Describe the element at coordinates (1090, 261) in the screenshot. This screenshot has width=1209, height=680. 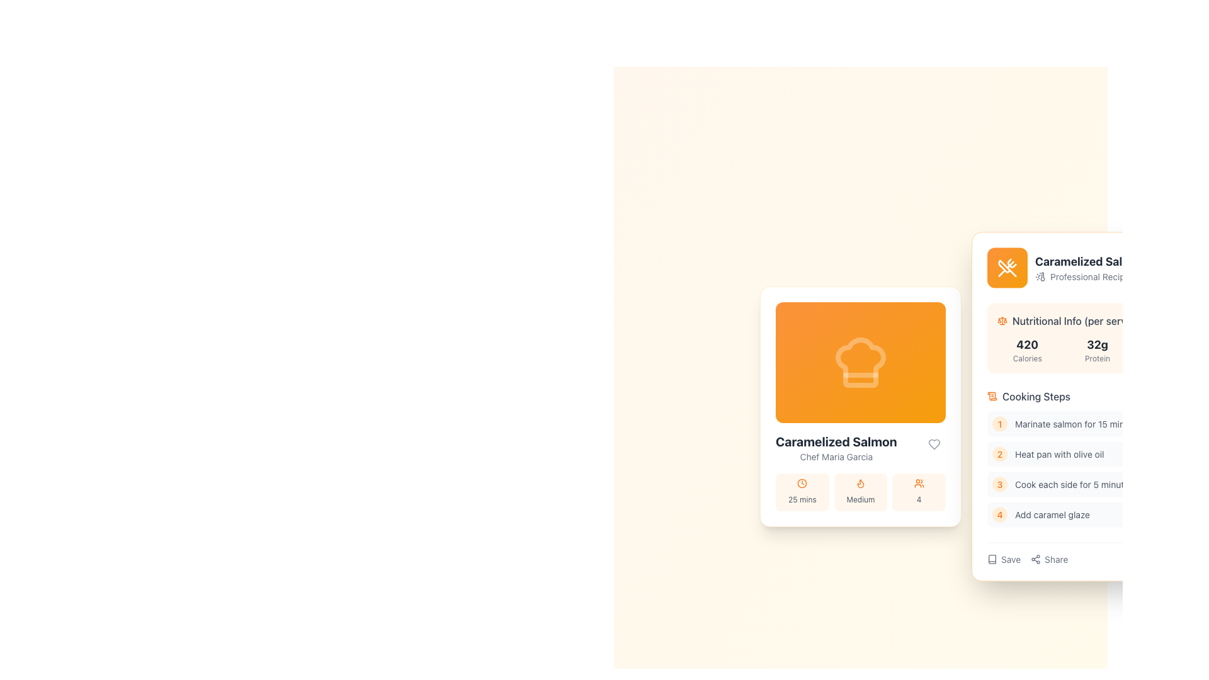
I see `the bold text label reading 'Caramelized Salmon' located at the top-right section of the card, above the subtitle 'Professional Recipe'` at that location.